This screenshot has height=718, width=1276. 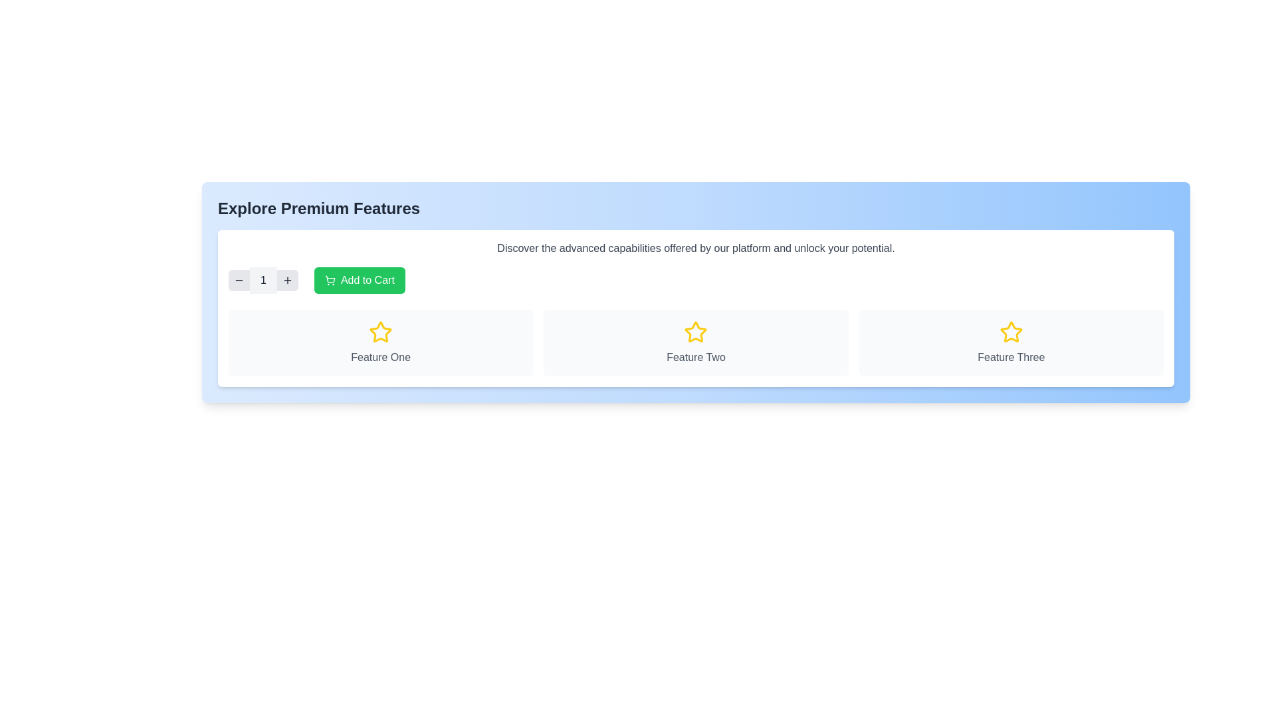 I want to click on the icon representing the feature within the 'Feature One' card, which is visually intended, so click(x=380, y=332).